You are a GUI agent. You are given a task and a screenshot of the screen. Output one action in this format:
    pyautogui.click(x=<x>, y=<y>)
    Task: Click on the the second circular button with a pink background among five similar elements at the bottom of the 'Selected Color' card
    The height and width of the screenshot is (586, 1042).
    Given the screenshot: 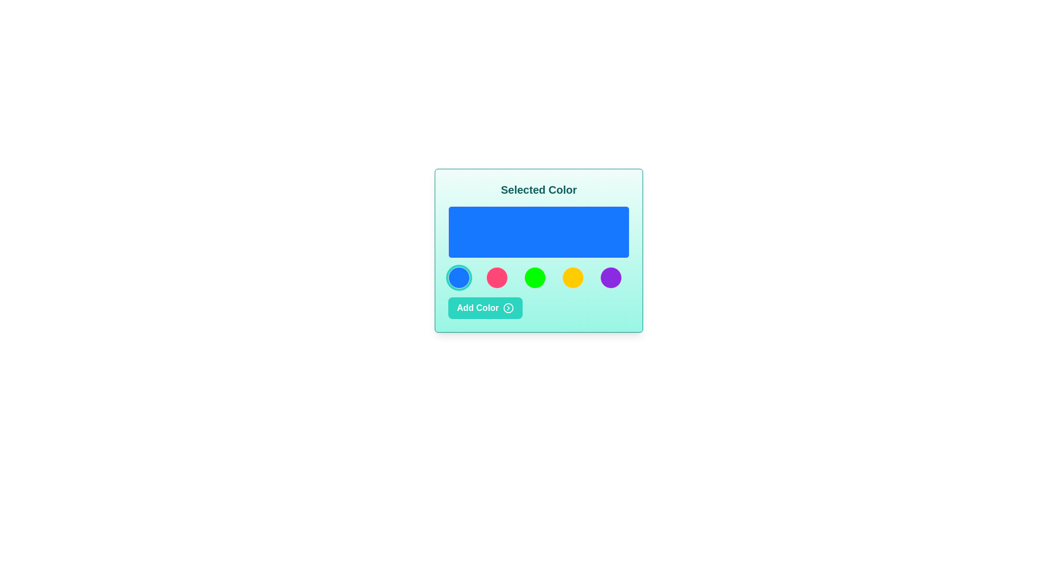 What is the action you would take?
    pyautogui.click(x=497, y=277)
    